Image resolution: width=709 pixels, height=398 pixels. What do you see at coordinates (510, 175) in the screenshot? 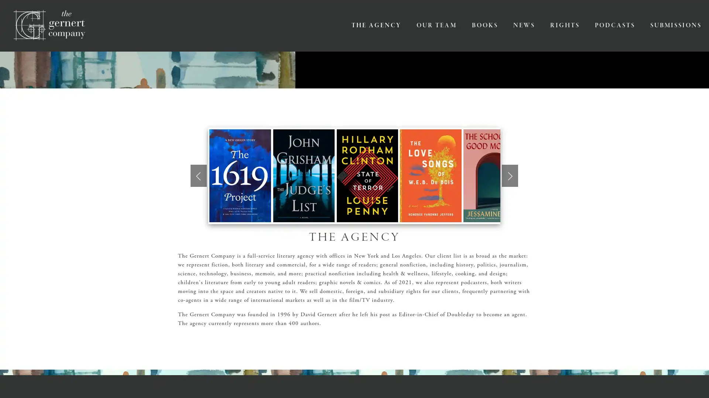
I see `Next Slide` at bounding box center [510, 175].